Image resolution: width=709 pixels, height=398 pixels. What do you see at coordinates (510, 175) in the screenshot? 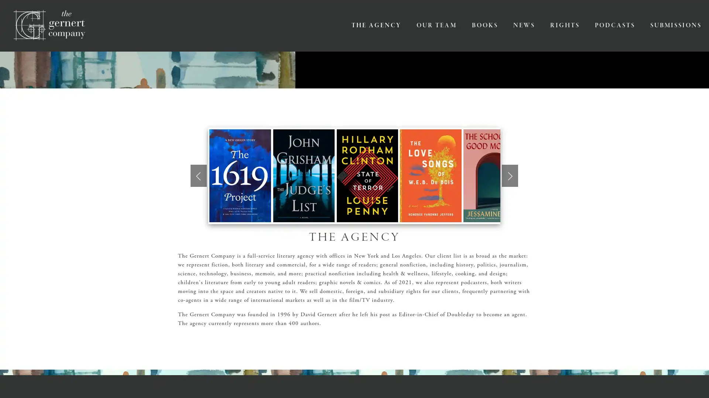
I see `Next Slide` at bounding box center [510, 175].